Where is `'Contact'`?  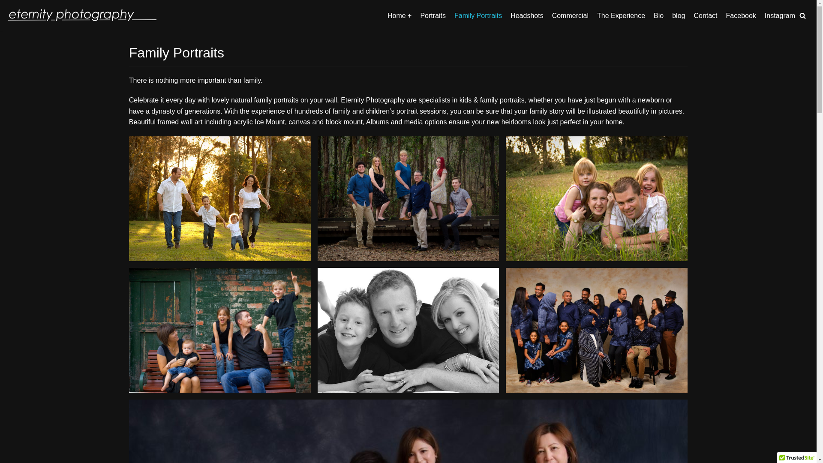 'Contact' is located at coordinates (705, 16).